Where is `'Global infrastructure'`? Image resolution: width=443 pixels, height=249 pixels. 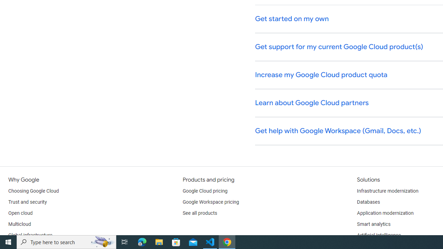
'Global infrastructure' is located at coordinates (30, 235).